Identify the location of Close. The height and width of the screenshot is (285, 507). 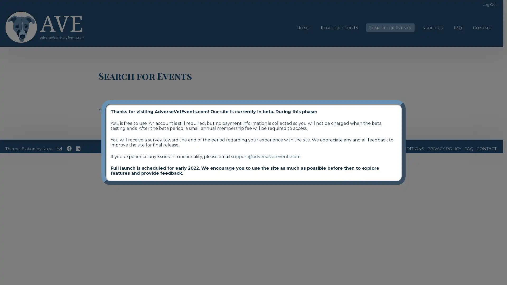
(405, 100).